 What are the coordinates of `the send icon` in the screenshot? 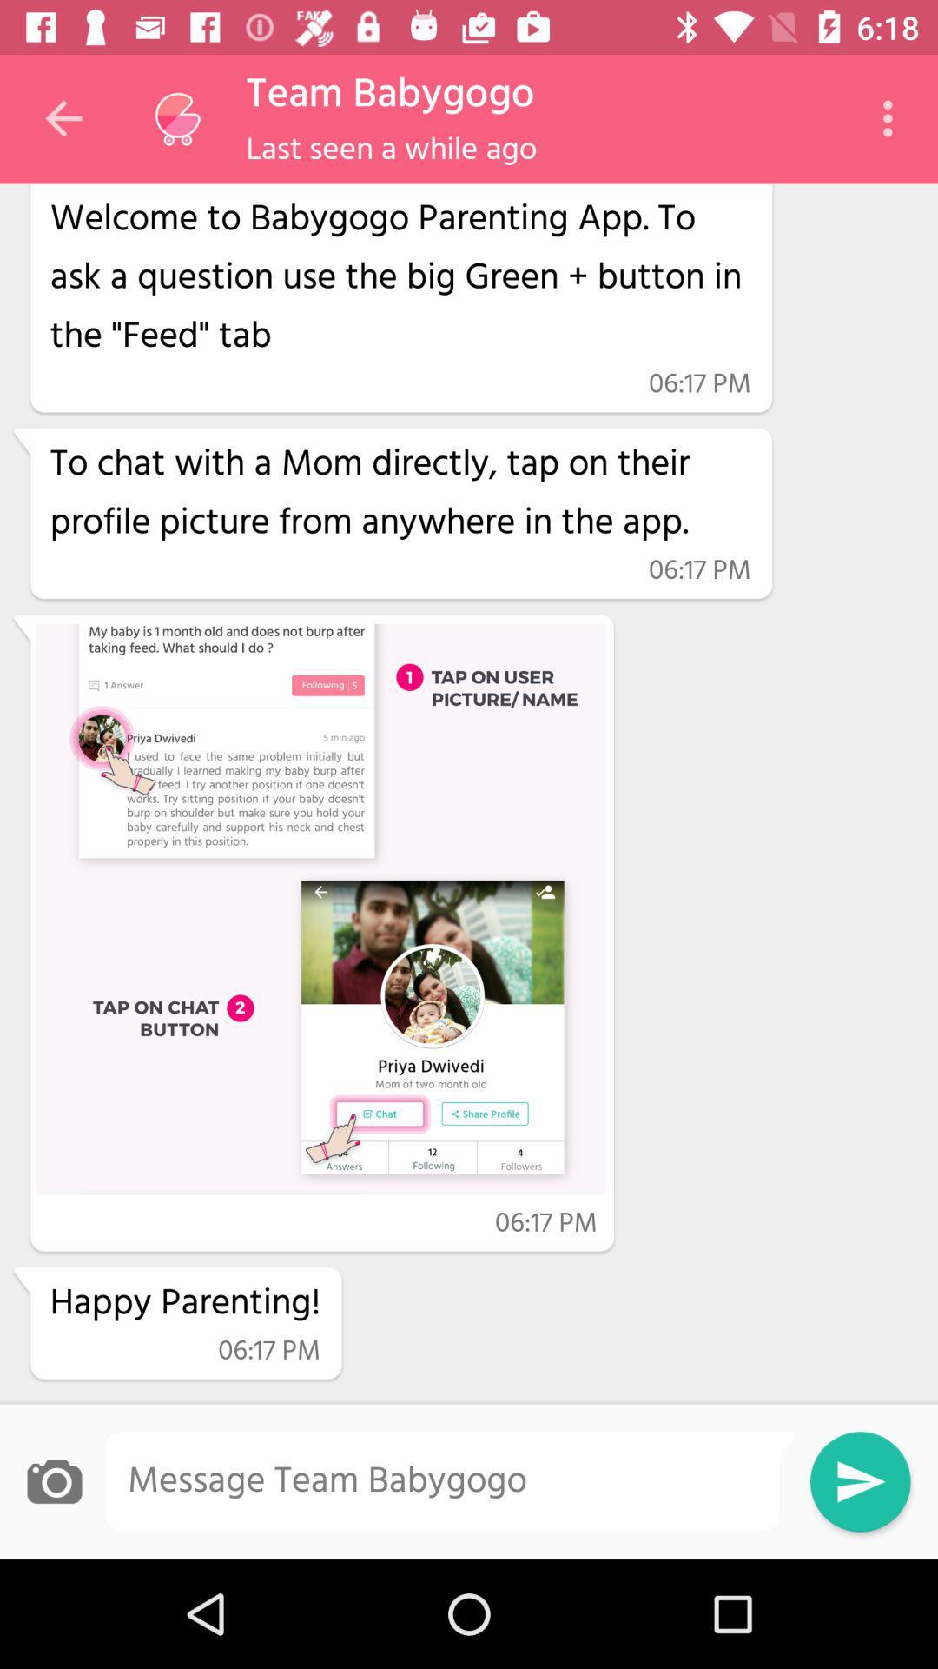 It's located at (860, 1480).